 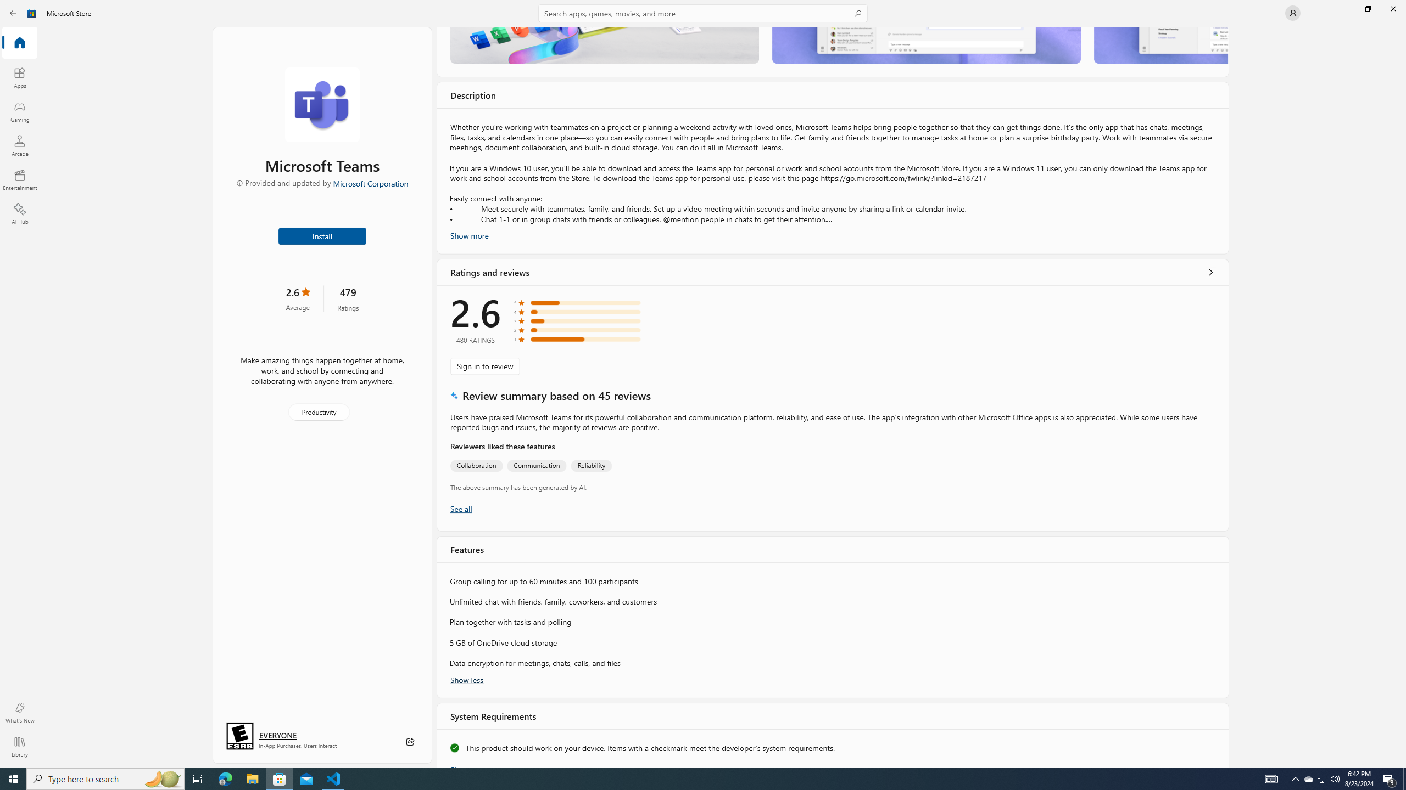 I want to click on 'Show less', so click(x=466, y=679).